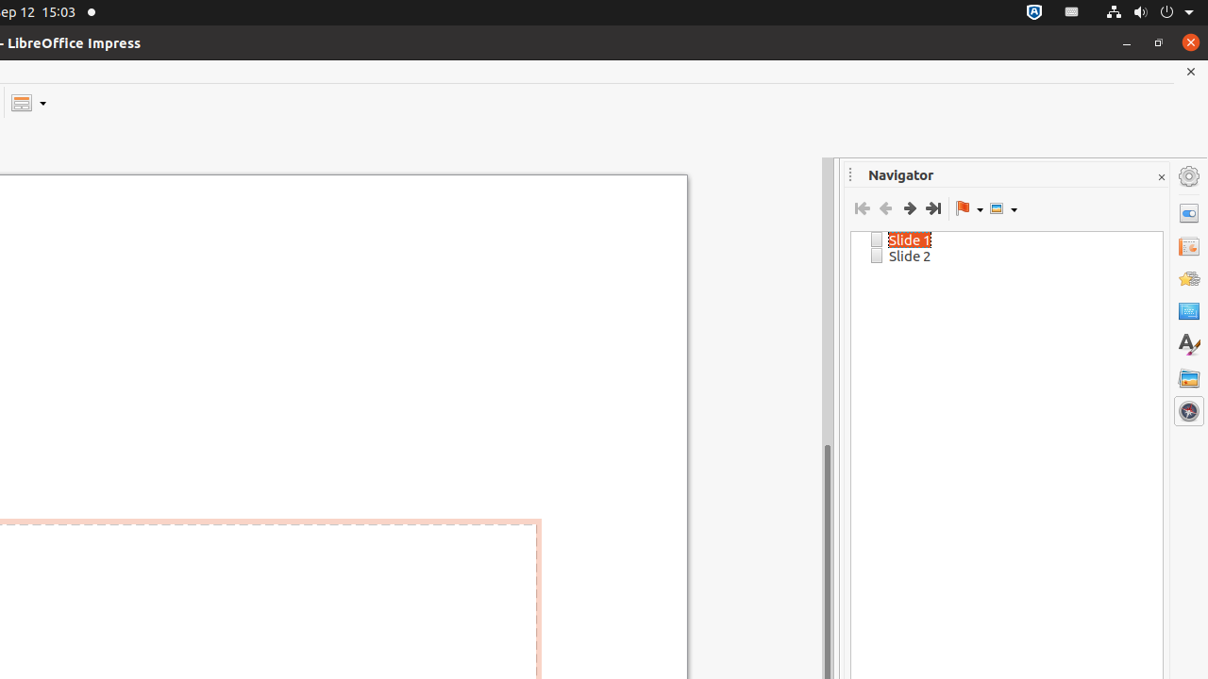  Describe the element at coordinates (932, 208) in the screenshot. I see `'Last Slide'` at that location.